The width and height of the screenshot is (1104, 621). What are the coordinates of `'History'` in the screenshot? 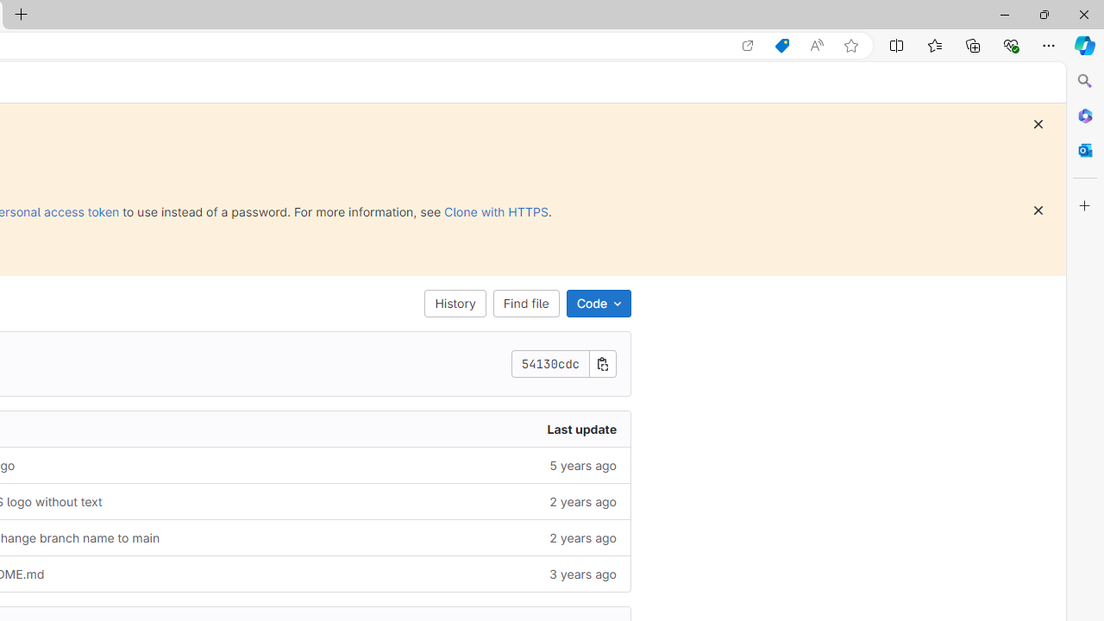 It's located at (455, 303).